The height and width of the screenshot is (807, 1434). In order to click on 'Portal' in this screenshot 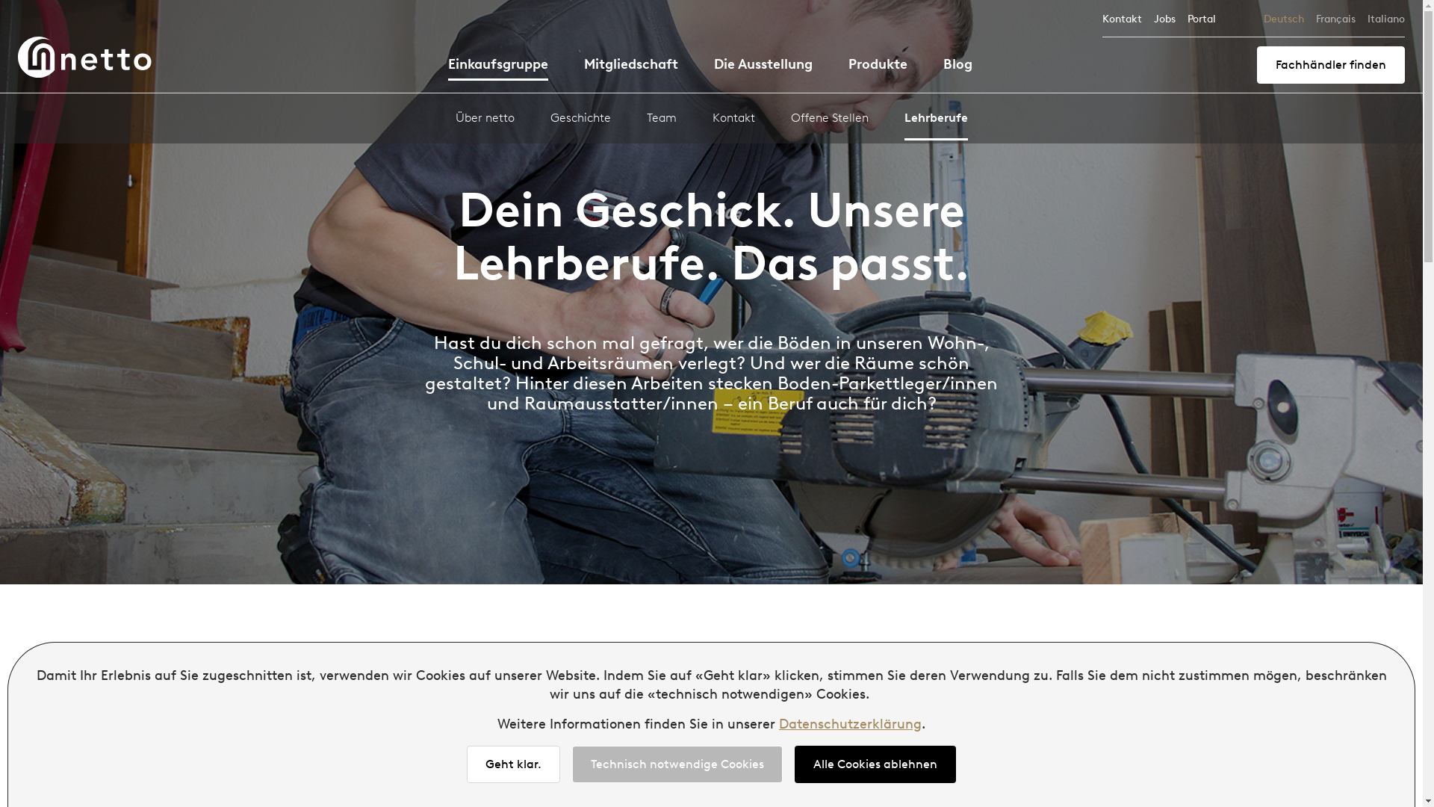, I will do `click(1201, 19)`.